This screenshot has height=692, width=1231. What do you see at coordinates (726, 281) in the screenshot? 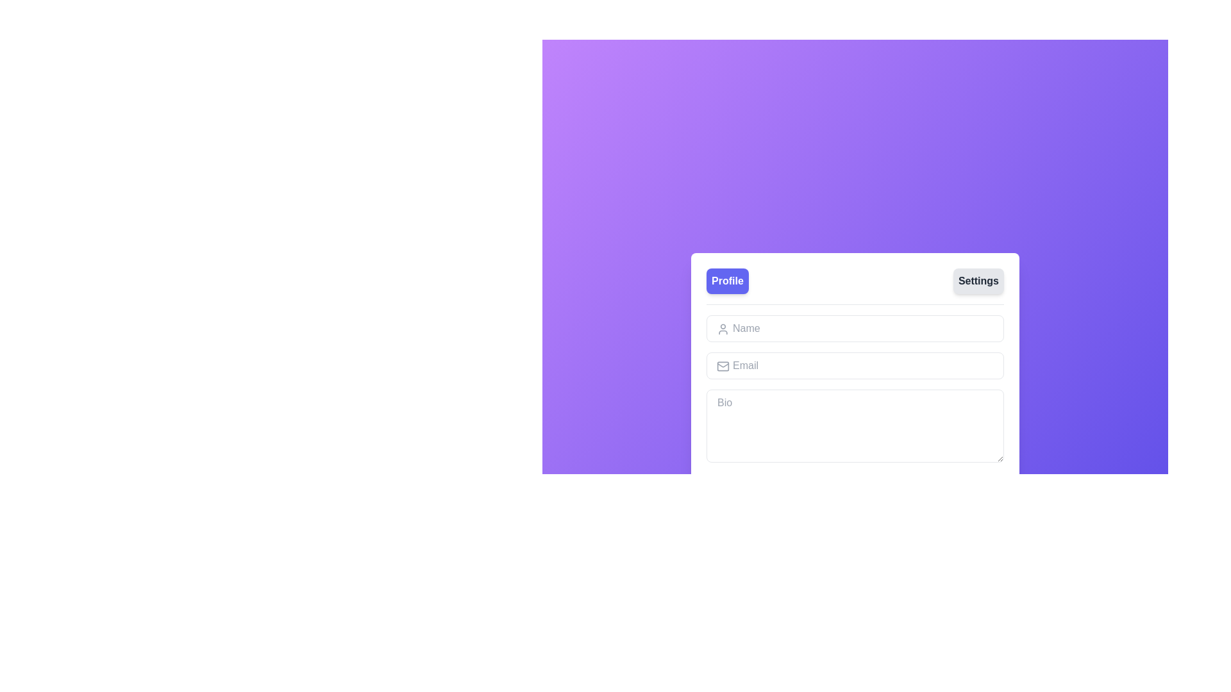
I see `the 'Profile' button located on the left within the header section of the card` at bounding box center [726, 281].